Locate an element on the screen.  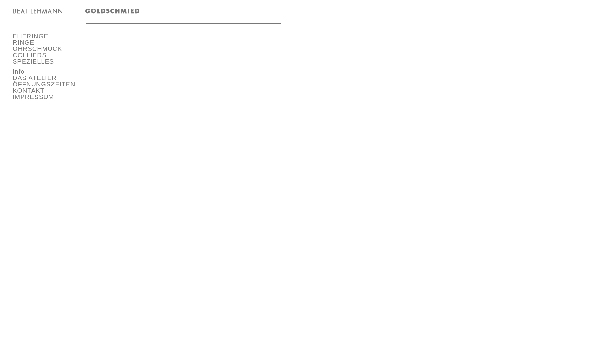
'COLLIERS' is located at coordinates (29, 54).